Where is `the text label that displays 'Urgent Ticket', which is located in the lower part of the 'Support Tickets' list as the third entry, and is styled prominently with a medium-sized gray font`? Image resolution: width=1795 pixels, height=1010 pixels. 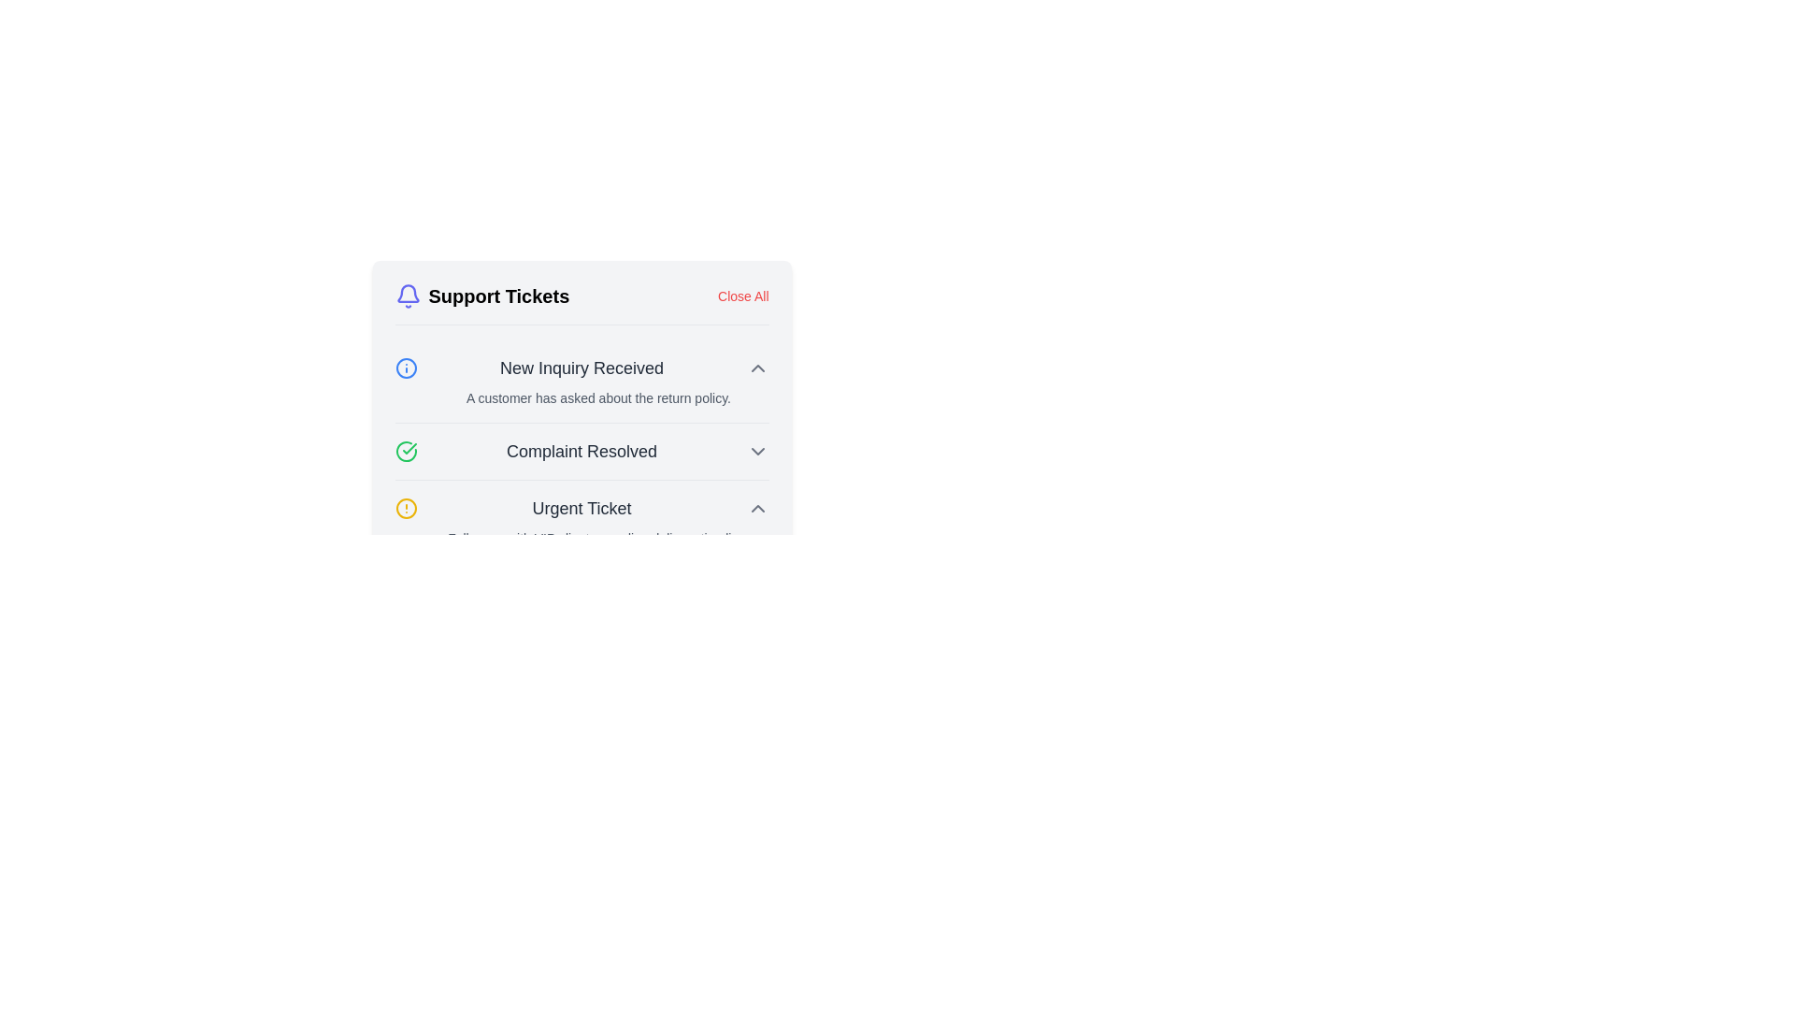
the text label that displays 'Urgent Ticket', which is located in the lower part of the 'Support Tickets' list as the third entry, and is styled prominently with a medium-sized gray font is located at coordinates (581, 508).